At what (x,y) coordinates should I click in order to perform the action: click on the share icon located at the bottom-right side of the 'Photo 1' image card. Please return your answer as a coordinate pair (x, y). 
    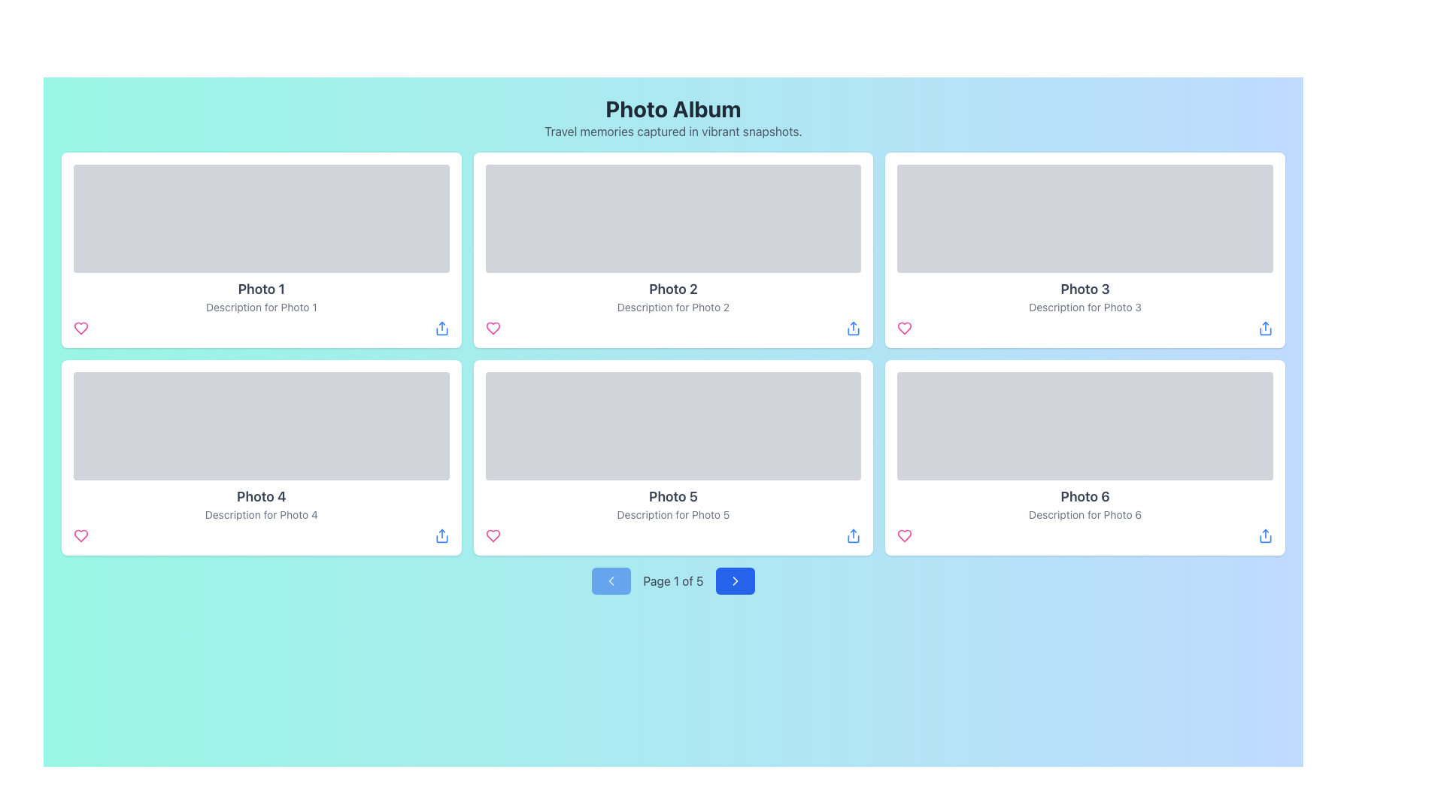
    Looking at the image, I should click on (441, 327).